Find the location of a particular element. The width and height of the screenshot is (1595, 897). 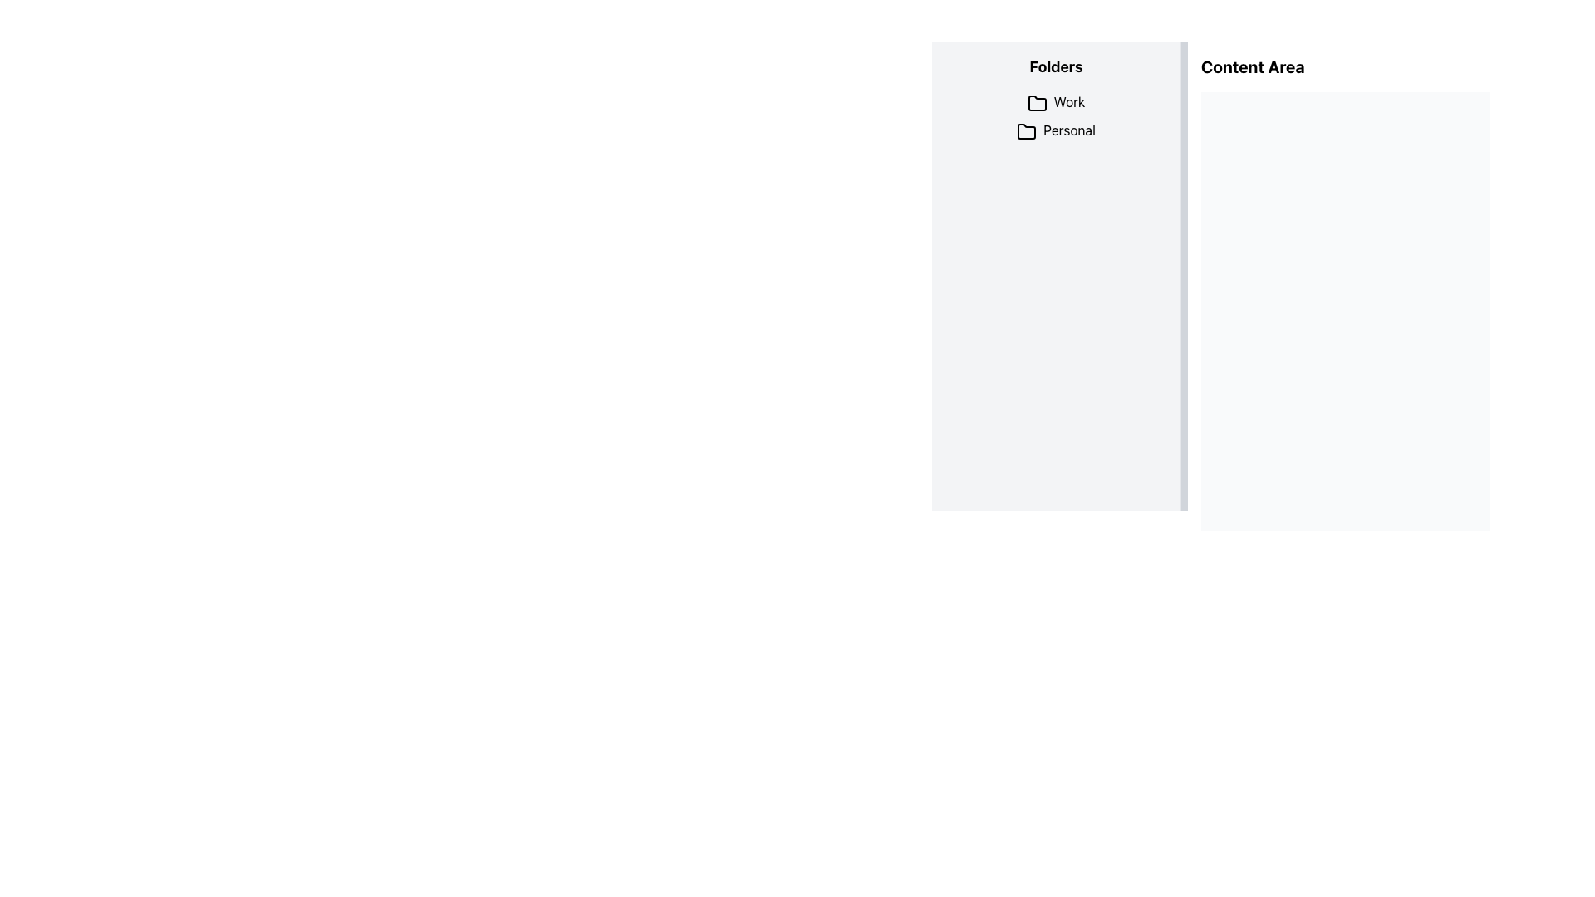

the folder icon representing 'Personal', which is the second folder icon under the 'Folders' heading is located at coordinates (1026, 130).